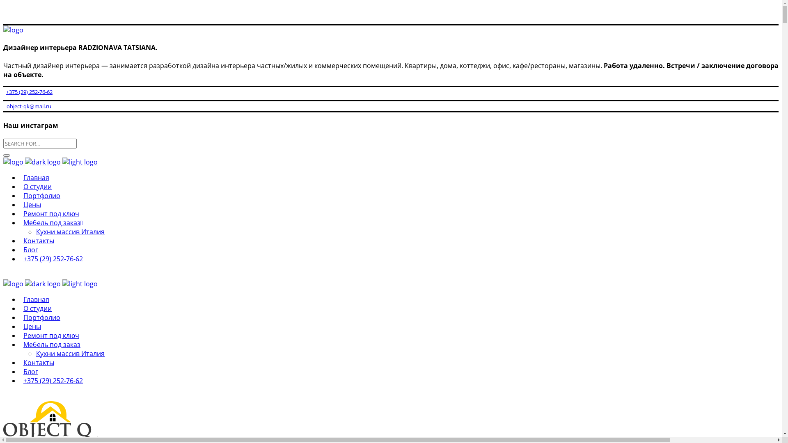  Describe the element at coordinates (27, 91) in the screenshot. I see `'+375 (29) 252-76-62'` at that location.